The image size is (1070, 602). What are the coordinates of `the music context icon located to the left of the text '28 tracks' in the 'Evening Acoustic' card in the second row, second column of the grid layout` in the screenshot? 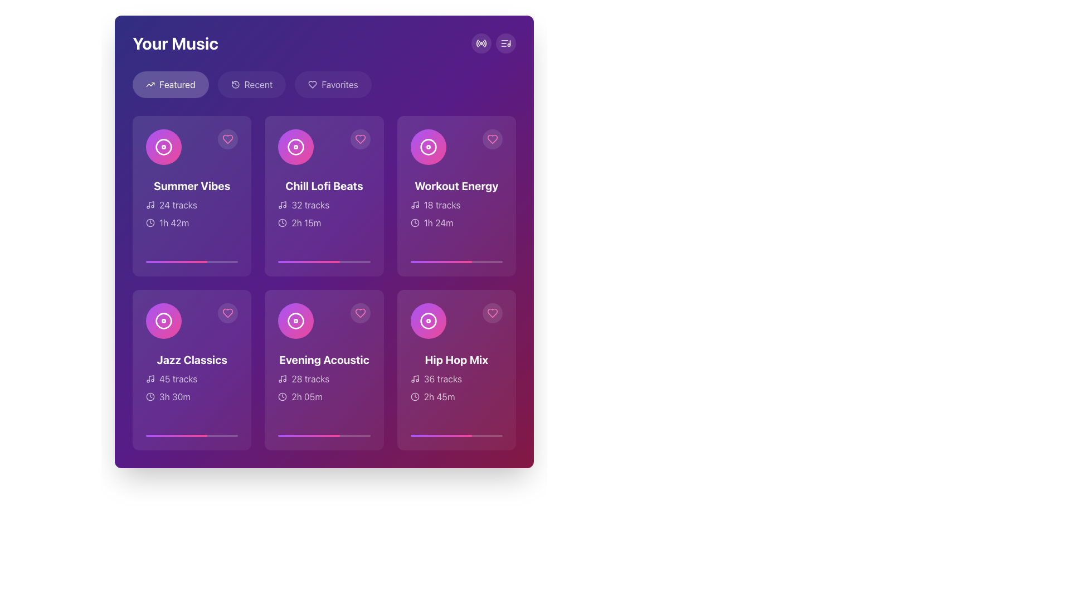 It's located at (283, 378).